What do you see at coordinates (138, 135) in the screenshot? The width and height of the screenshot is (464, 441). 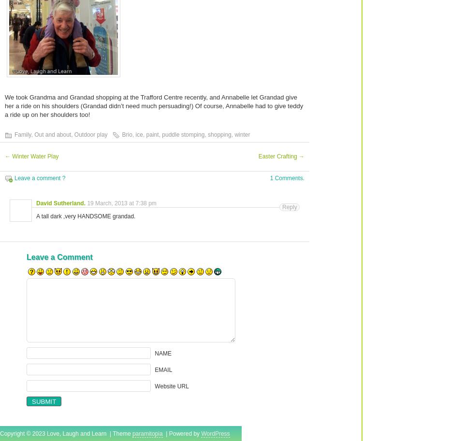 I see `'ice'` at bounding box center [138, 135].